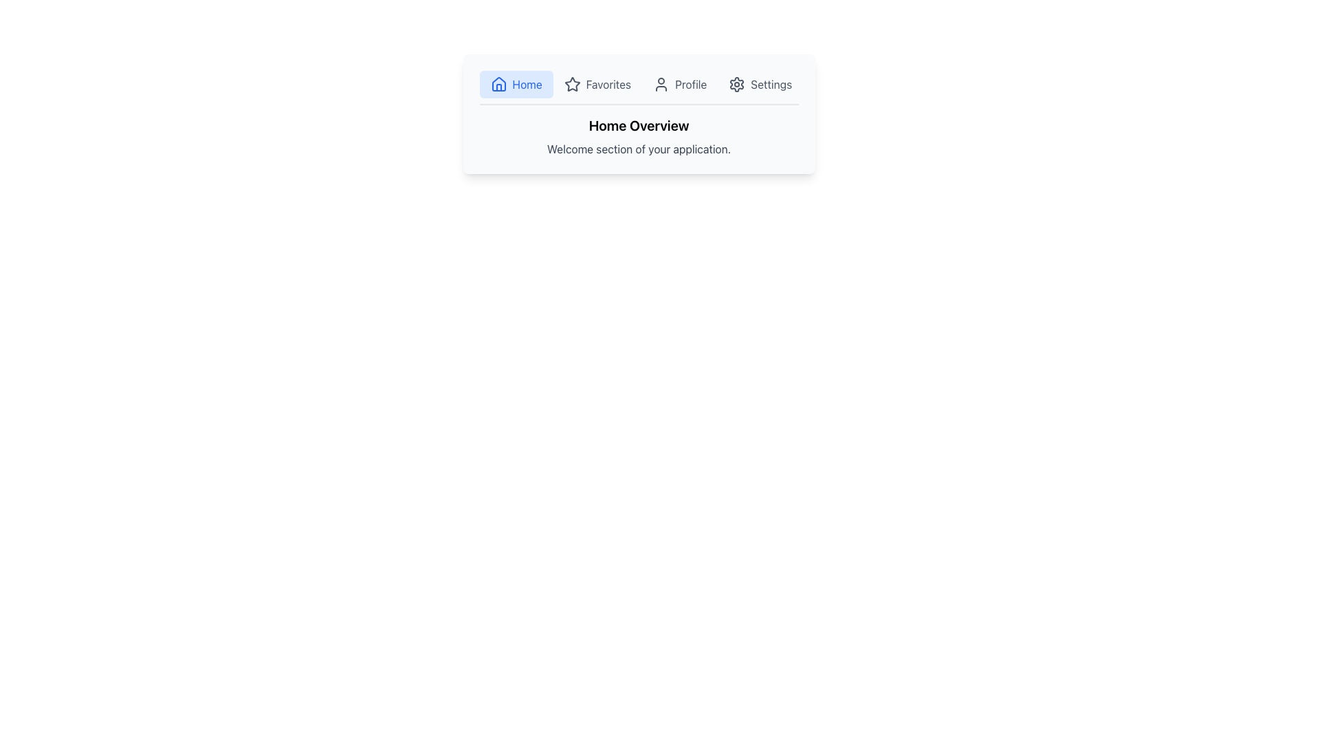  What do you see at coordinates (736, 85) in the screenshot?
I see `the gear icon located in the 'Settings' section of the horizontal navigation bar` at bounding box center [736, 85].